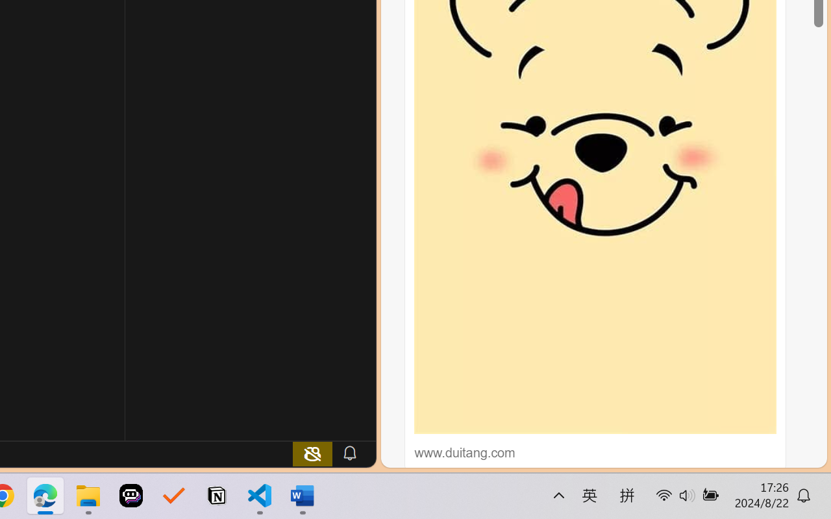 The width and height of the screenshot is (831, 519). I want to click on 'copilot-notconnected, Copilot error (click for details)', so click(312, 453).